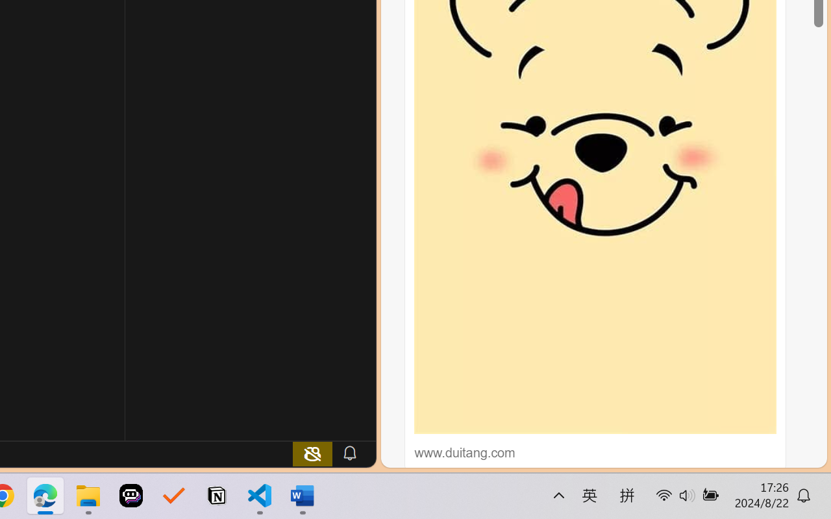 The width and height of the screenshot is (831, 519). I want to click on 'copilot-notconnected, Copilot error (click for details)', so click(312, 453).